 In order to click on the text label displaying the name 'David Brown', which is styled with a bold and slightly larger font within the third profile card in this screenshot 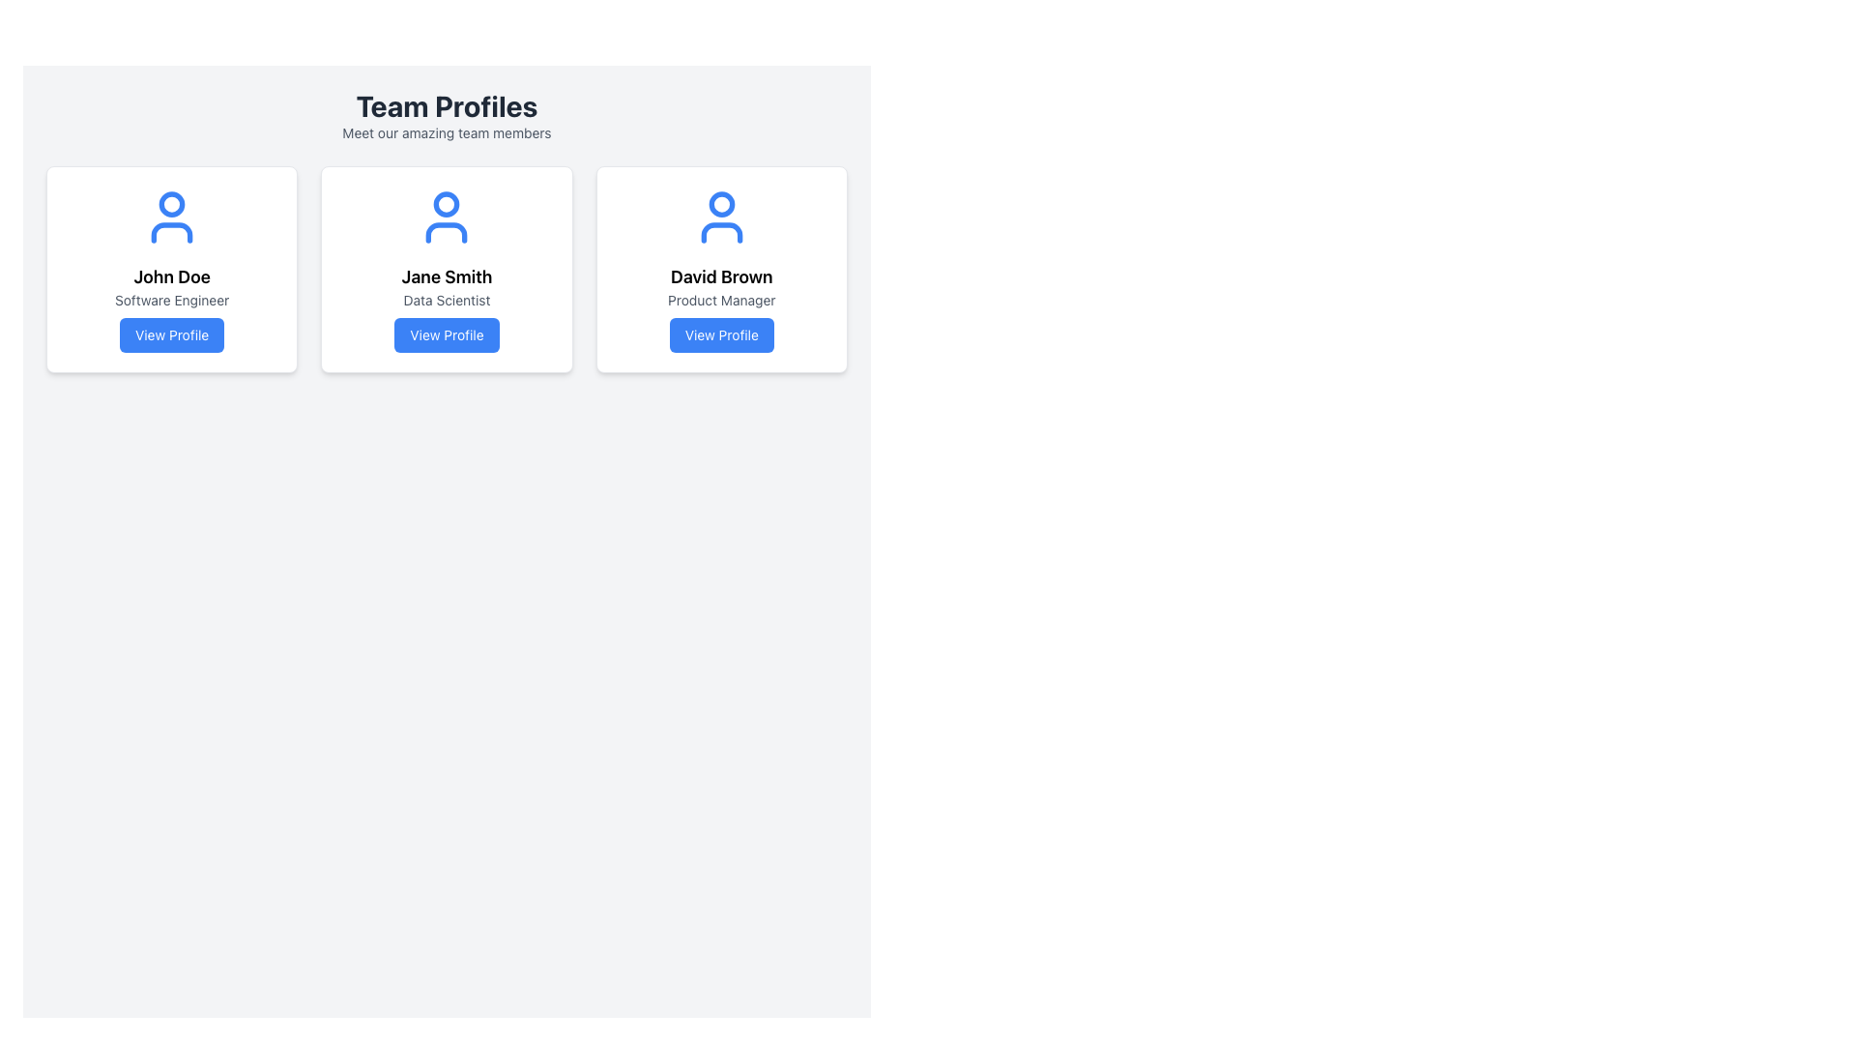, I will do `click(720, 276)`.